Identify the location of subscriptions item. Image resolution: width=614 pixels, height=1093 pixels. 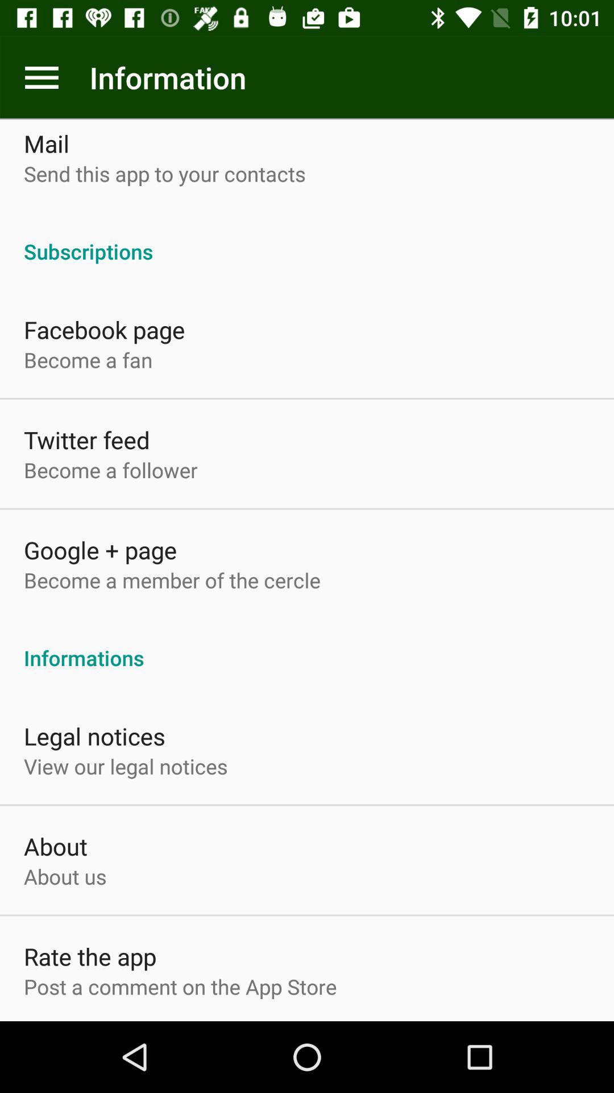
(307, 239).